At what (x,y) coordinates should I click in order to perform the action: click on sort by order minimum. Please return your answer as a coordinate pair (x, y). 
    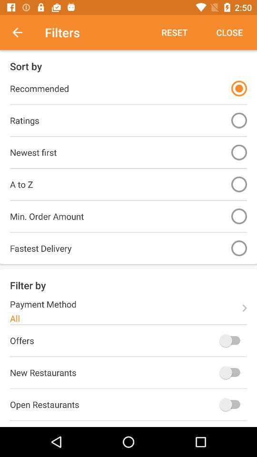
    Looking at the image, I should click on (238, 216).